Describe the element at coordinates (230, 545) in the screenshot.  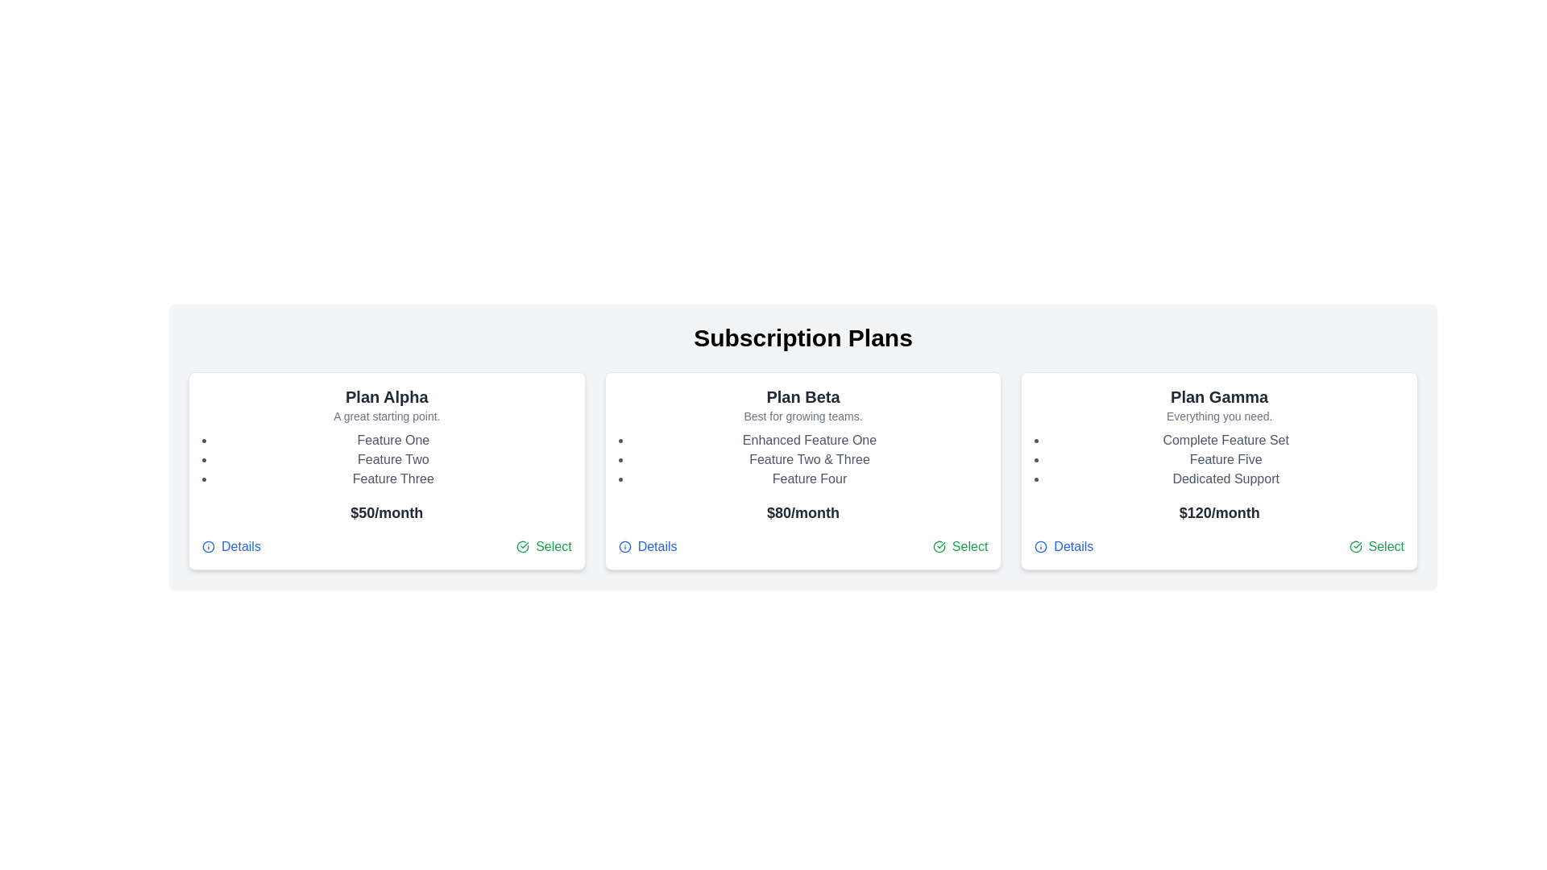
I see `the blue text link labeled 'Details' located in the bottom-left corner of the 'Plan Alpha' subscription card` at that location.